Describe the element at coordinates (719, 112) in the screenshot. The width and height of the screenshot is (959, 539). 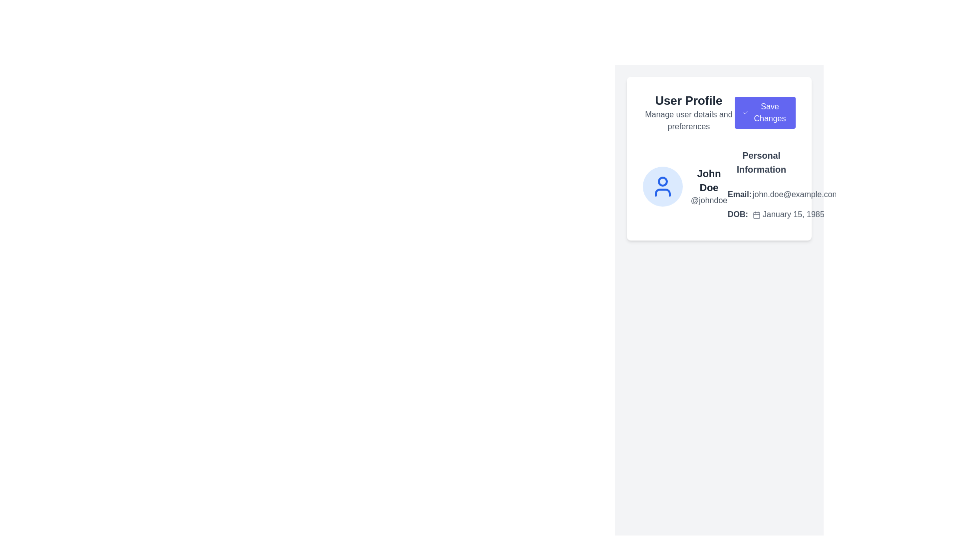
I see `descriptive text of the 'User Profile' header and its accompanying description 'Manage user details and preferences' located at the top part of the card component` at that location.